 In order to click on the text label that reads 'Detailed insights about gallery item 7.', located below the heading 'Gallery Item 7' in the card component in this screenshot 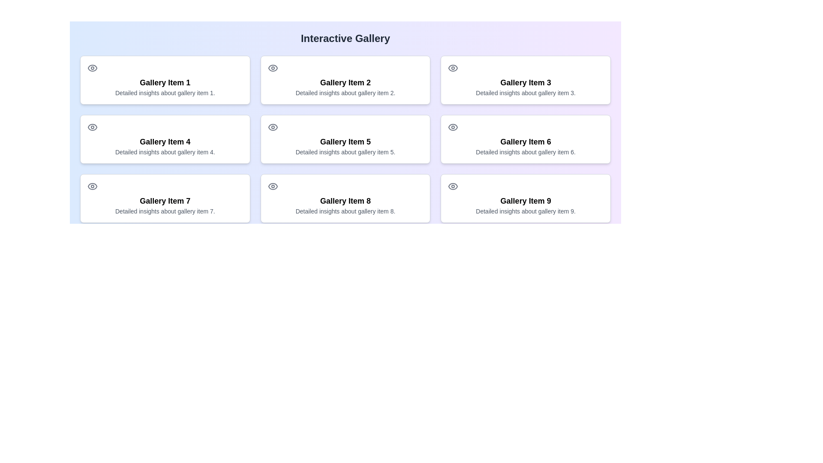, I will do `click(165, 211)`.